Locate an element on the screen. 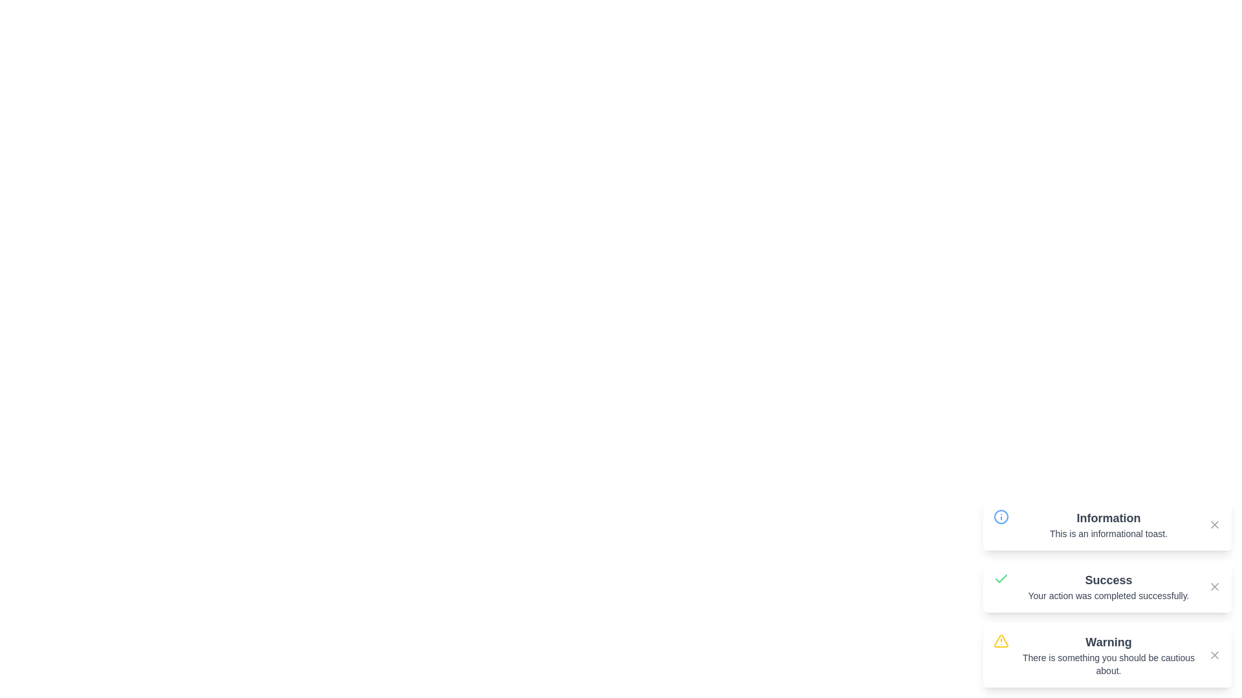 The image size is (1242, 698). the decorative circle element within the 'Information' SVG icon, which represents an info toast notification is located at coordinates (1001, 516).